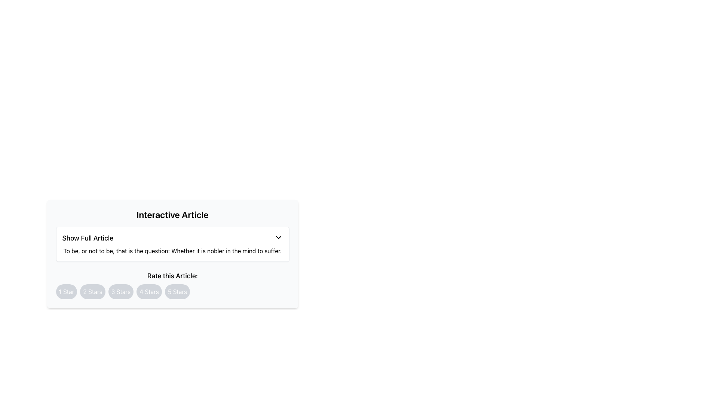 The width and height of the screenshot is (718, 404). Describe the element at coordinates (66, 291) in the screenshot. I see `the circular button labeled '1 Star' with a gray background` at that location.